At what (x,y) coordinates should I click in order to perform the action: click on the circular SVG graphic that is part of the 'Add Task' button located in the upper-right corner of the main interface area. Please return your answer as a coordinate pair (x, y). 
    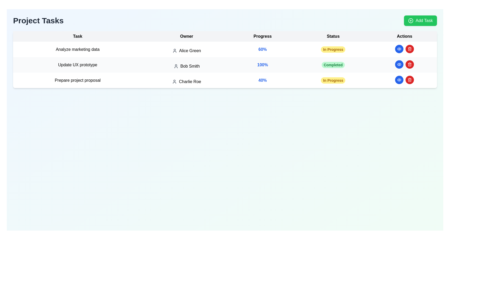
    Looking at the image, I should click on (411, 20).